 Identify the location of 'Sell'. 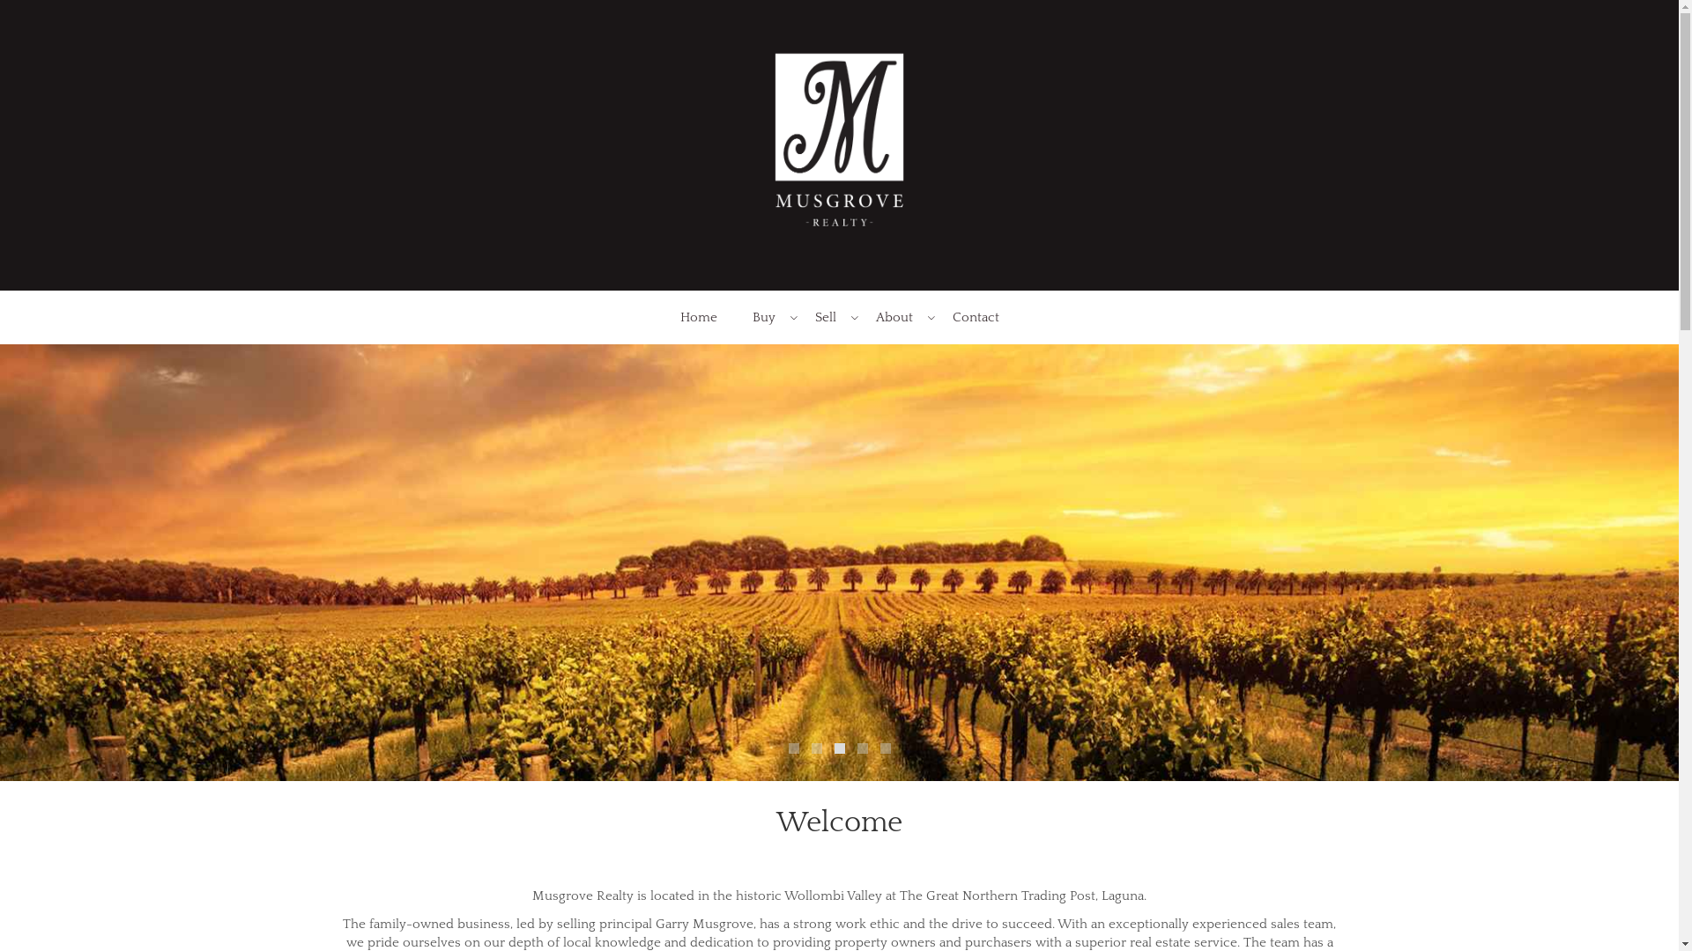
(826, 317).